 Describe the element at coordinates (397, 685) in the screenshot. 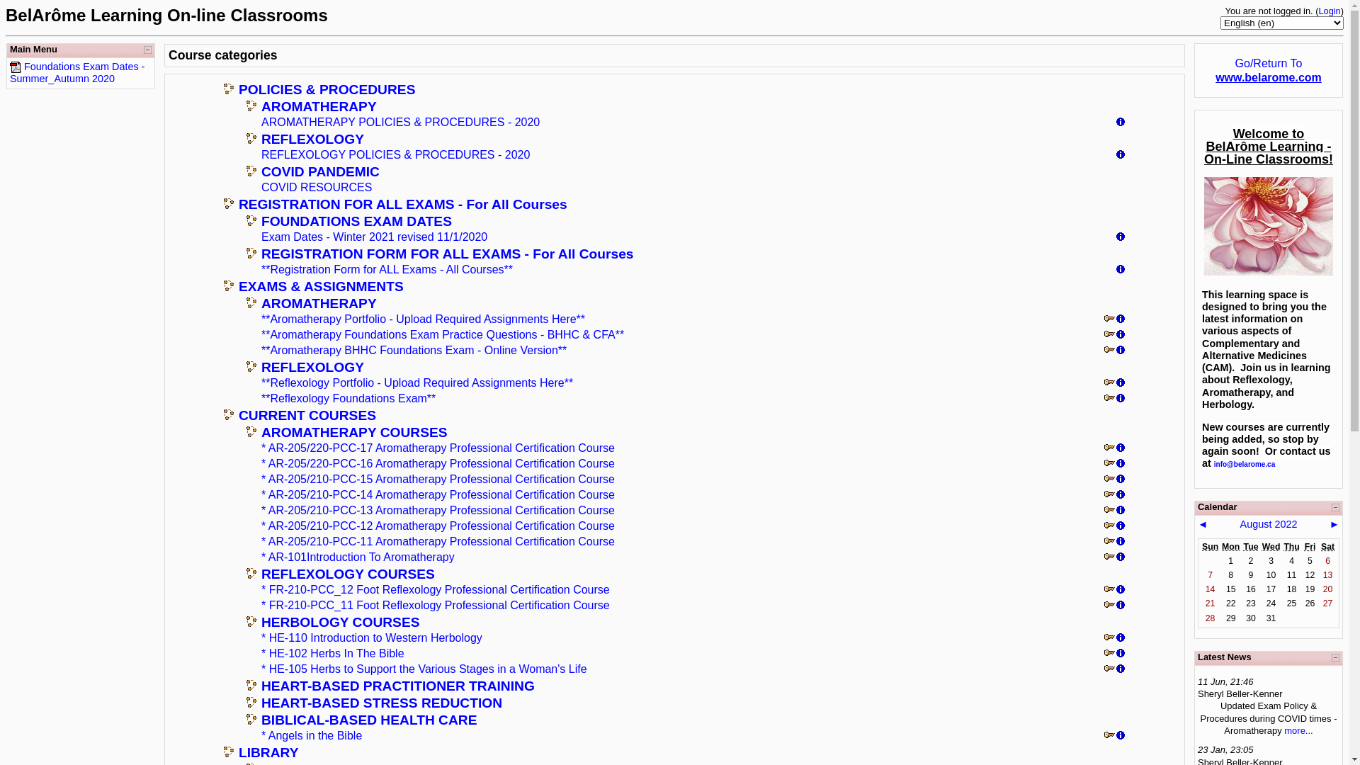

I see `'HEART-BASED PRACTITIONER TRAINING'` at that location.